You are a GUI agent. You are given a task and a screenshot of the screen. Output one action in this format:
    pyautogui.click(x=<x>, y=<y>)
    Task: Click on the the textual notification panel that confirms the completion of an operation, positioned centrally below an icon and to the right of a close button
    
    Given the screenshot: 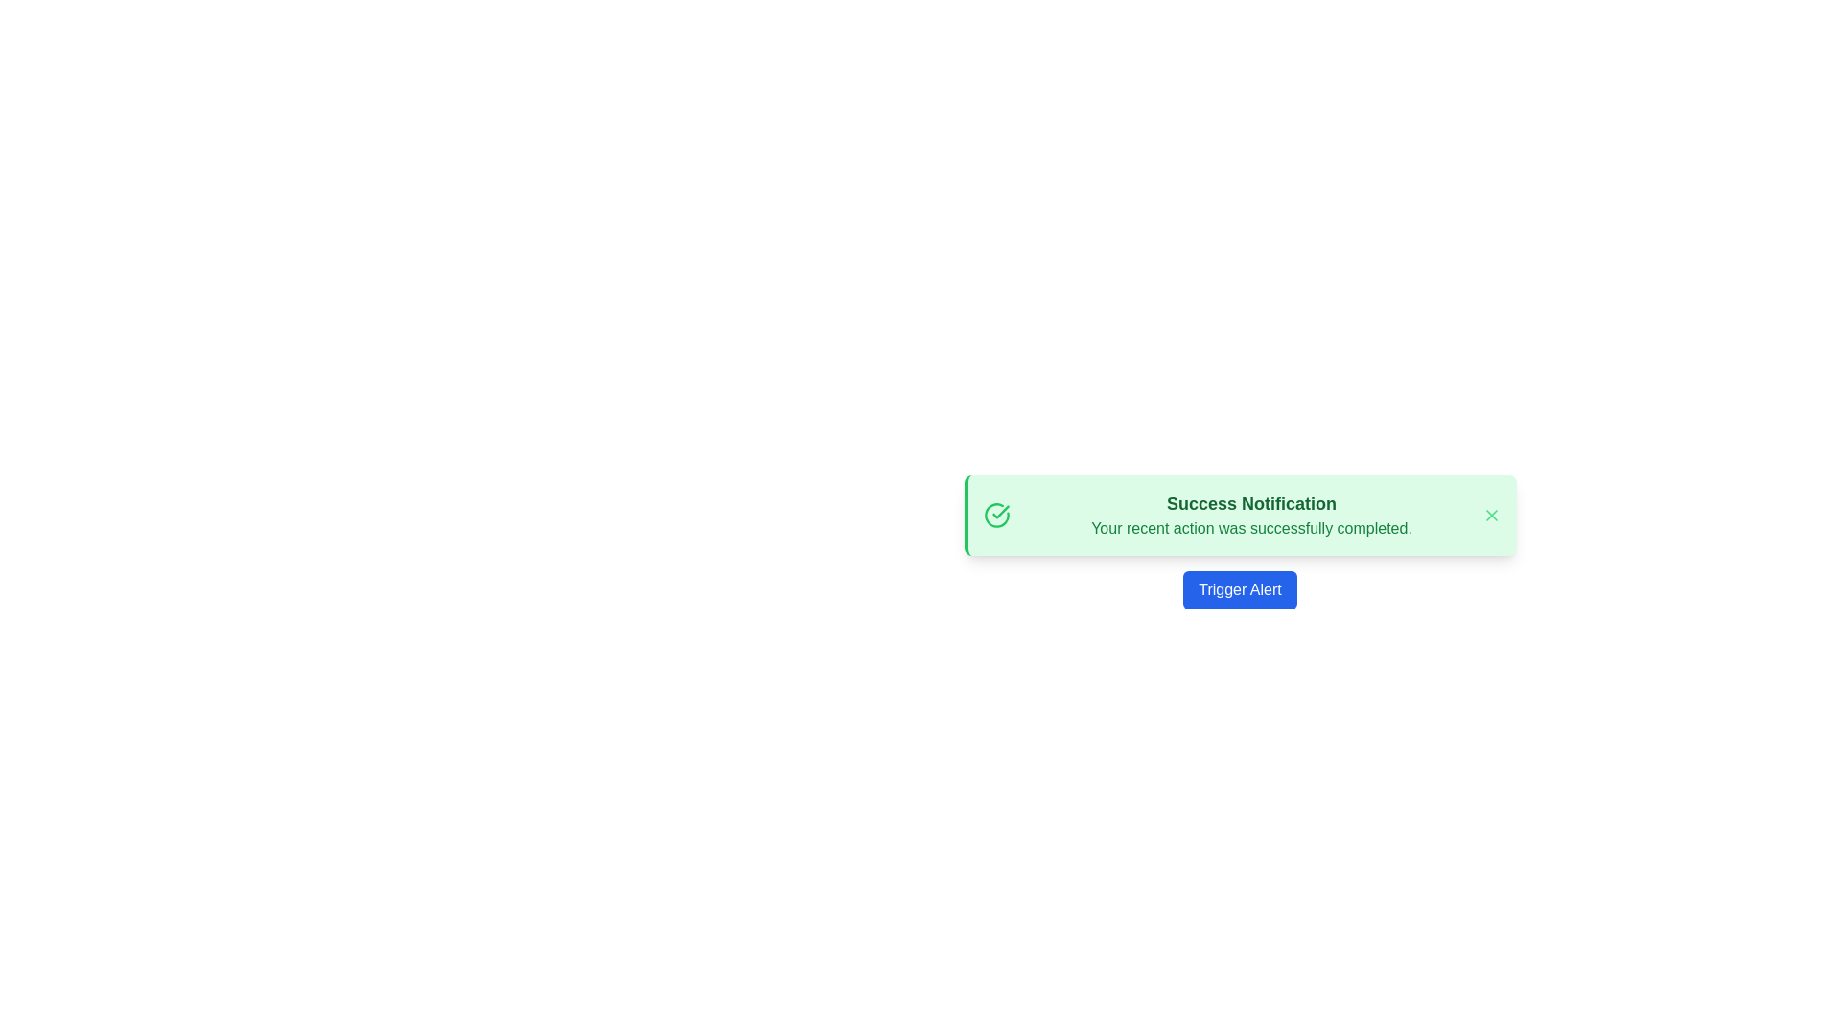 What is the action you would take?
    pyautogui.click(x=1251, y=514)
    